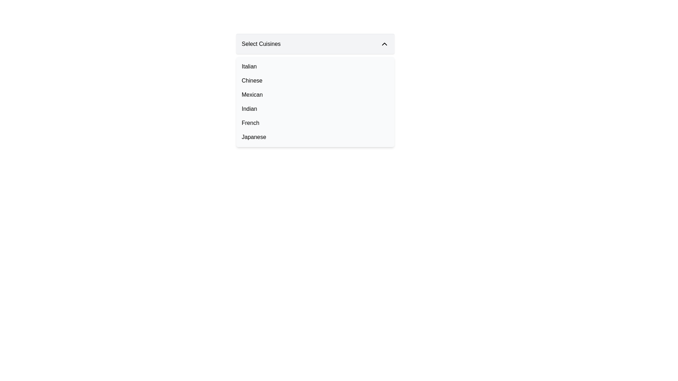 The width and height of the screenshot is (678, 381). I want to click on to select the 'French' option in the dropdown menu, which is the fifth item listed below 'Indian' and above 'Japanese', so click(315, 122).